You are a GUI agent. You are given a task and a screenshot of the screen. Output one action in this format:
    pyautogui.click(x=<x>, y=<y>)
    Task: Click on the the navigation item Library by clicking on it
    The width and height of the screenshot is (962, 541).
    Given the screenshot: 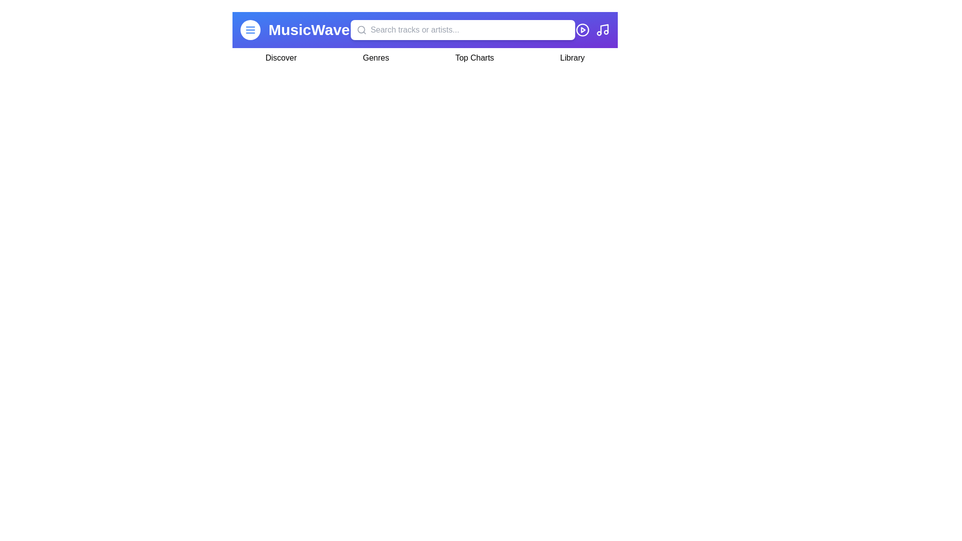 What is the action you would take?
    pyautogui.click(x=572, y=58)
    